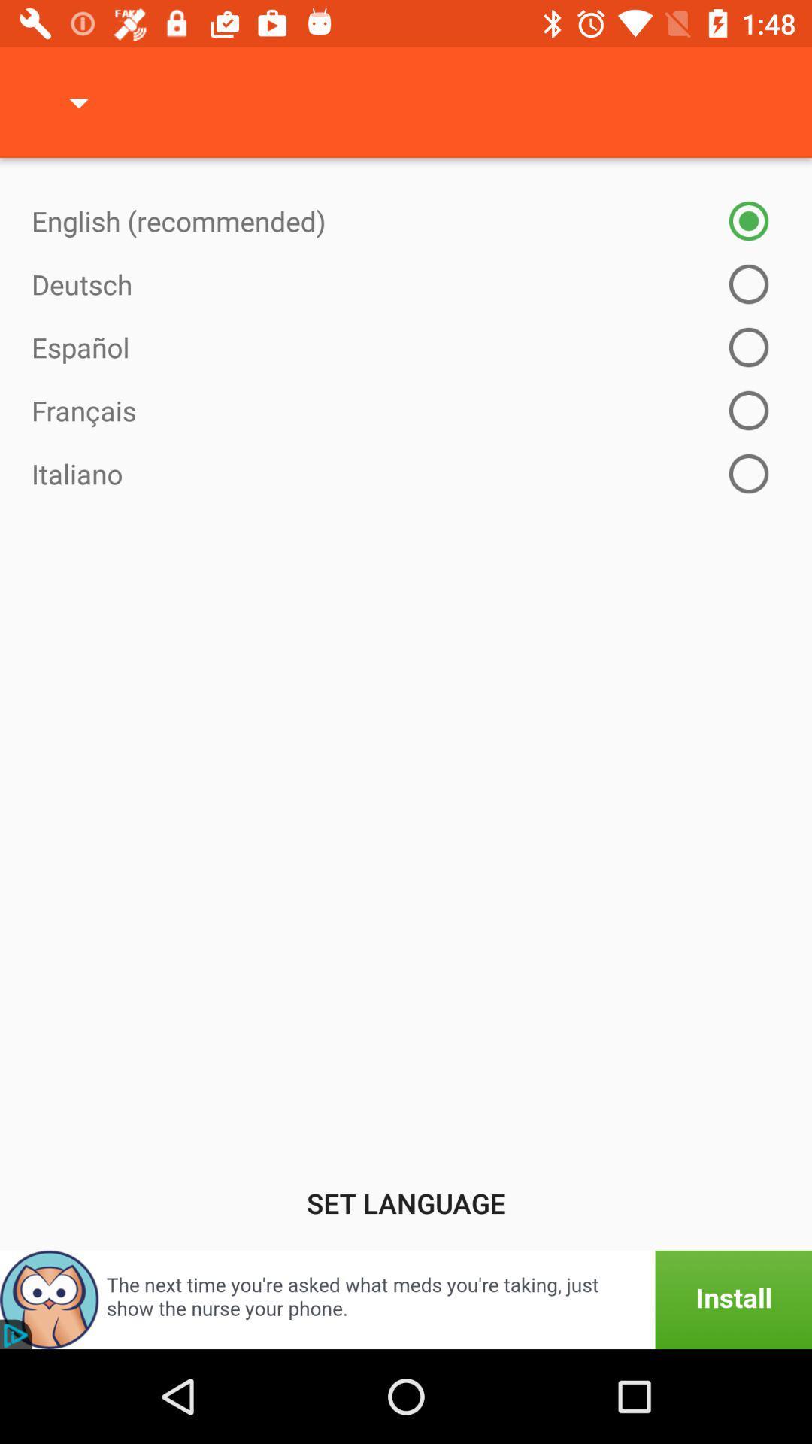  Describe the element at coordinates (406, 1299) in the screenshot. I see `get more information on advertisement` at that location.